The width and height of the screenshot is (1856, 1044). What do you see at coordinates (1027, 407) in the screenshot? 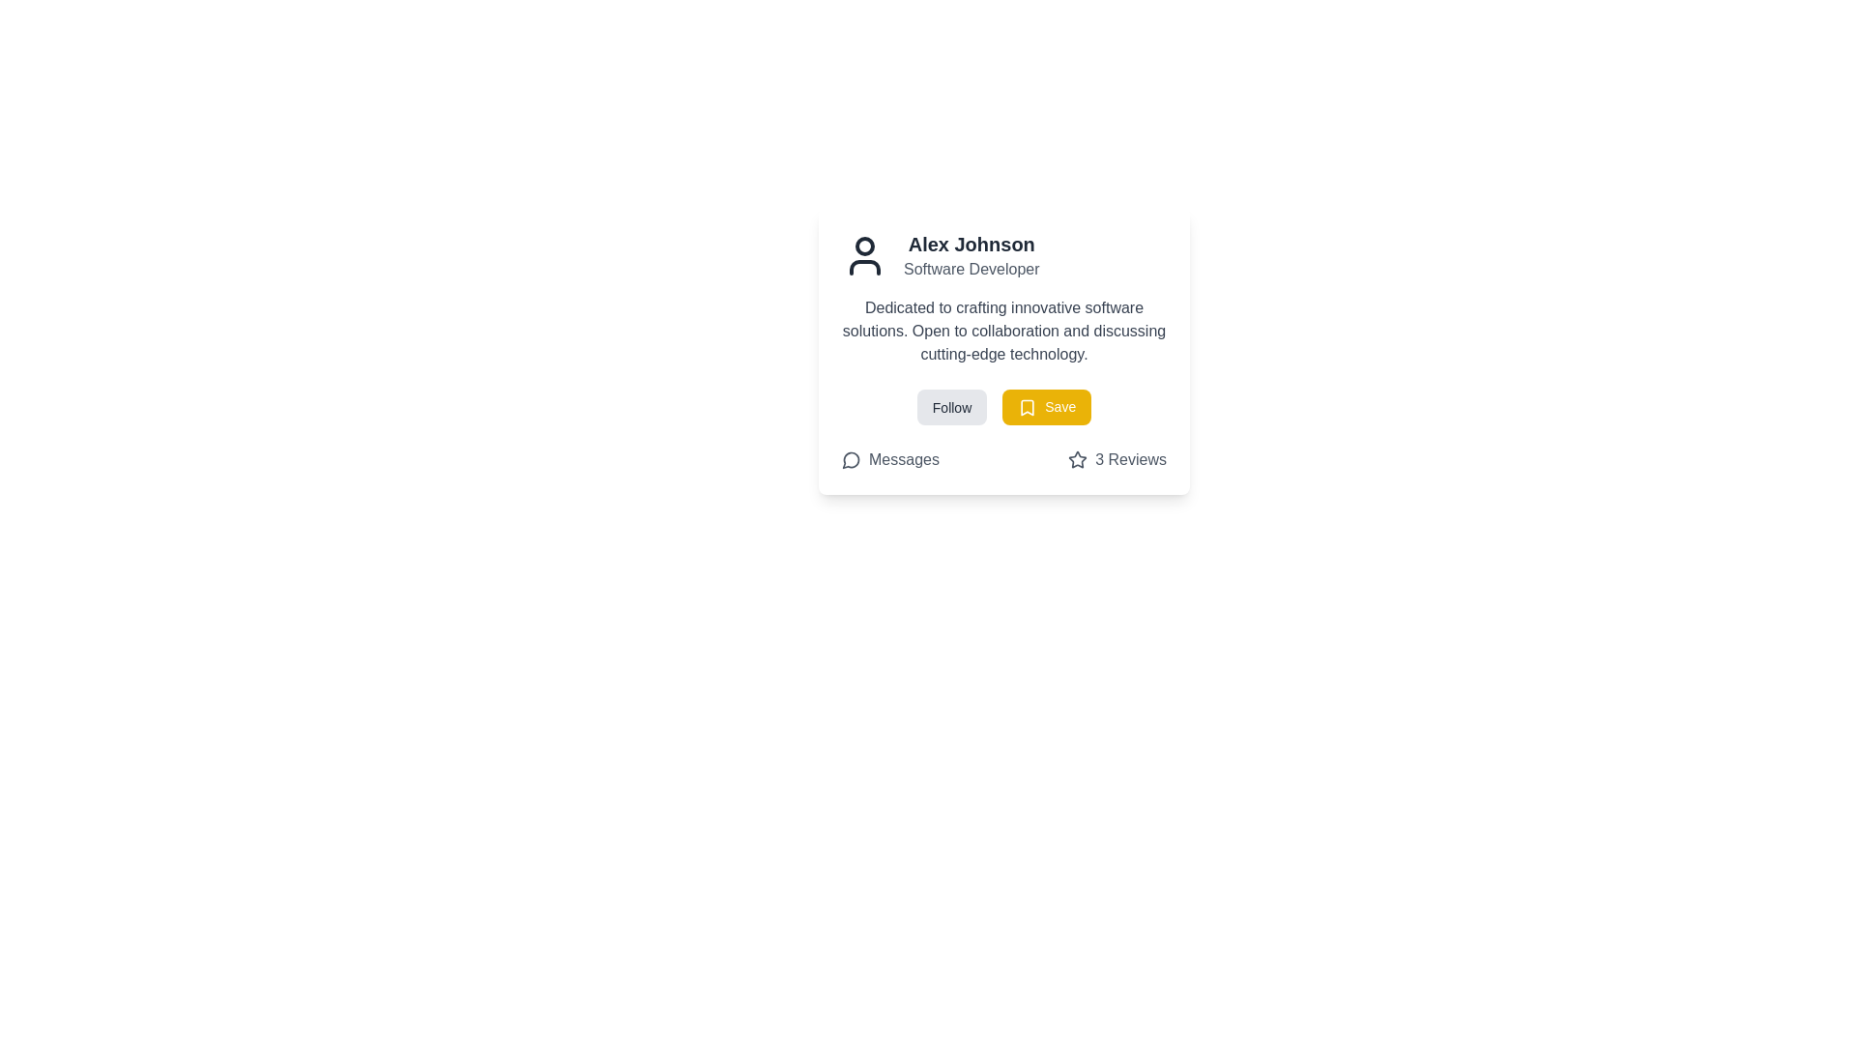
I see `the bookmark icon, which is a minimalist SVG representation located to the left of the 'Save' button, indicating its functionality related to saving or bookmarking` at bounding box center [1027, 407].